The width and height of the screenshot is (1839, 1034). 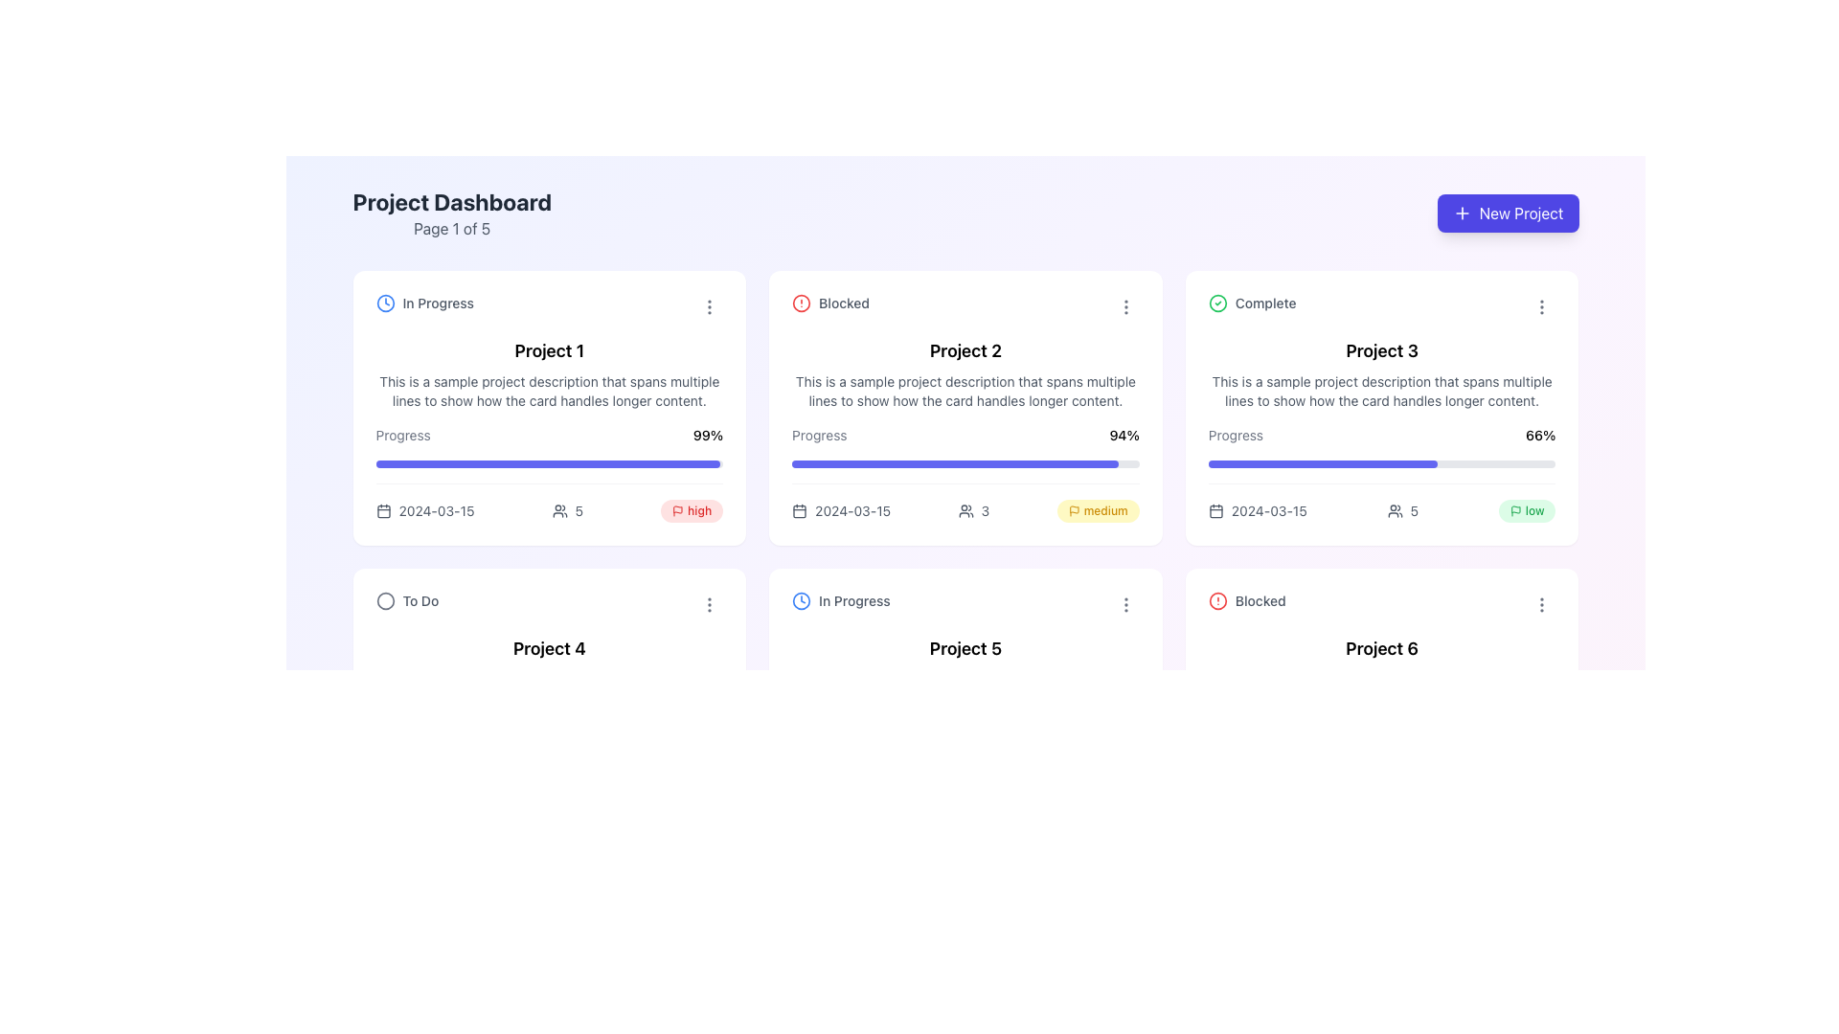 I want to click on the static text element displaying 'Project 1', which is styled as a bold headline within its card, located below the 'In Progress' status label, so click(x=548, y=350).